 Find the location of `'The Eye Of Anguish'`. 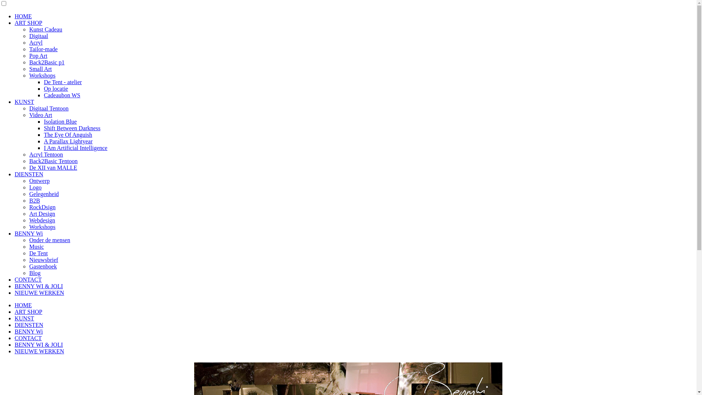

'The Eye Of Anguish' is located at coordinates (68, 135).